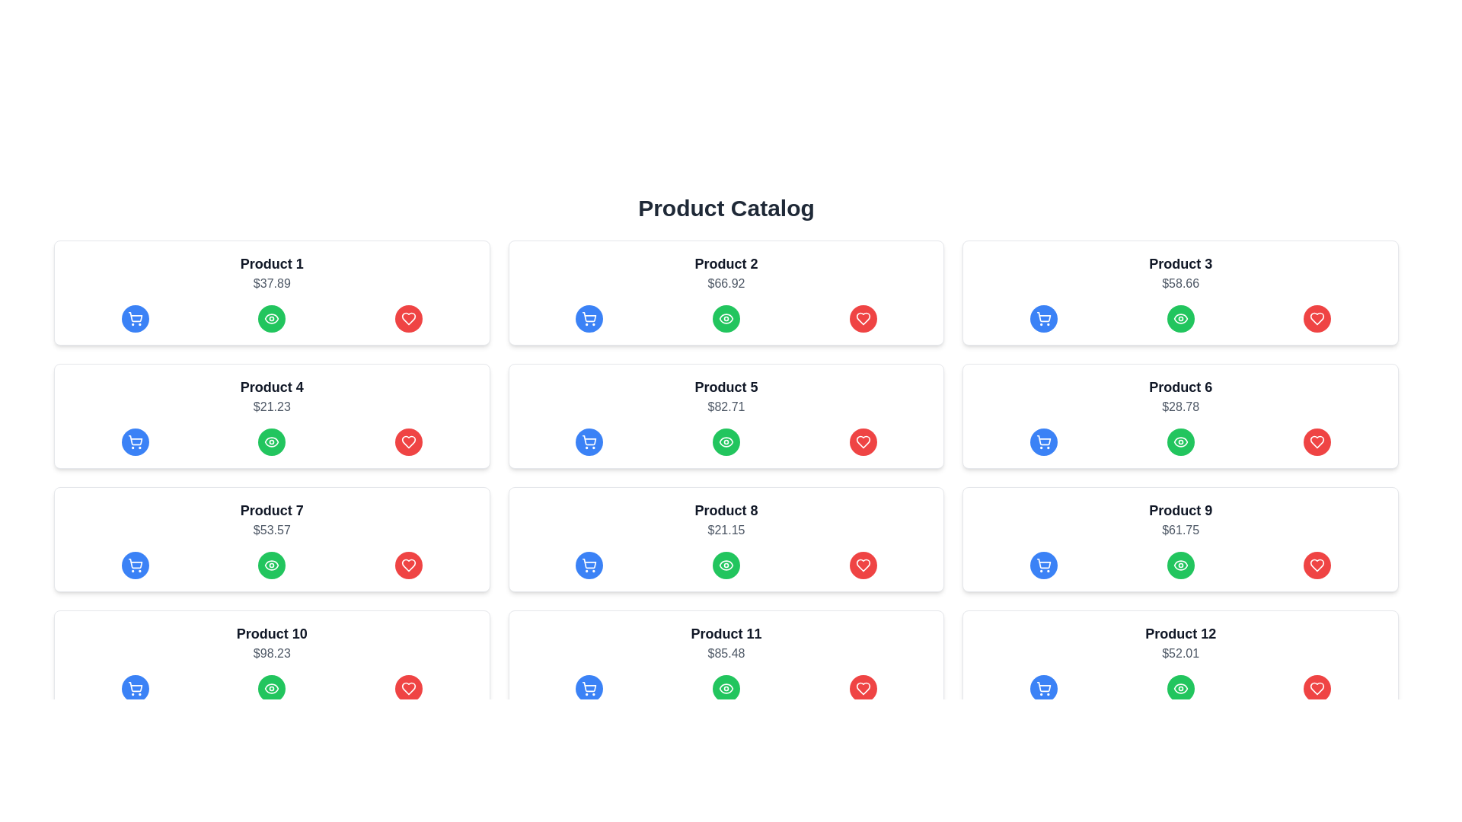 The image size is (1462, 822). Describe the element at coordinates (408, 566) in the screenshot. I see `the heart icon located at the bottom-right corner of the 'Product 7' card for advanced interactions` at that location.